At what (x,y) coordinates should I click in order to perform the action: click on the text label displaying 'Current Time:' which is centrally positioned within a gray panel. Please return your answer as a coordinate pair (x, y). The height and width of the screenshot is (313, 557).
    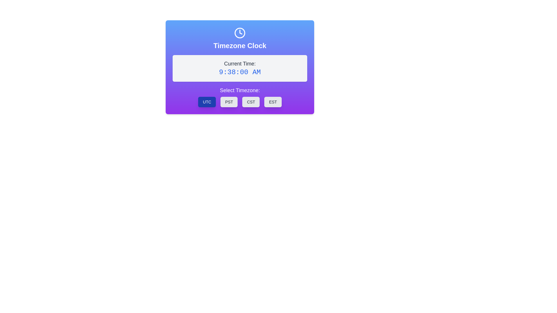
    Looking at the image, I should click on (240, 63).